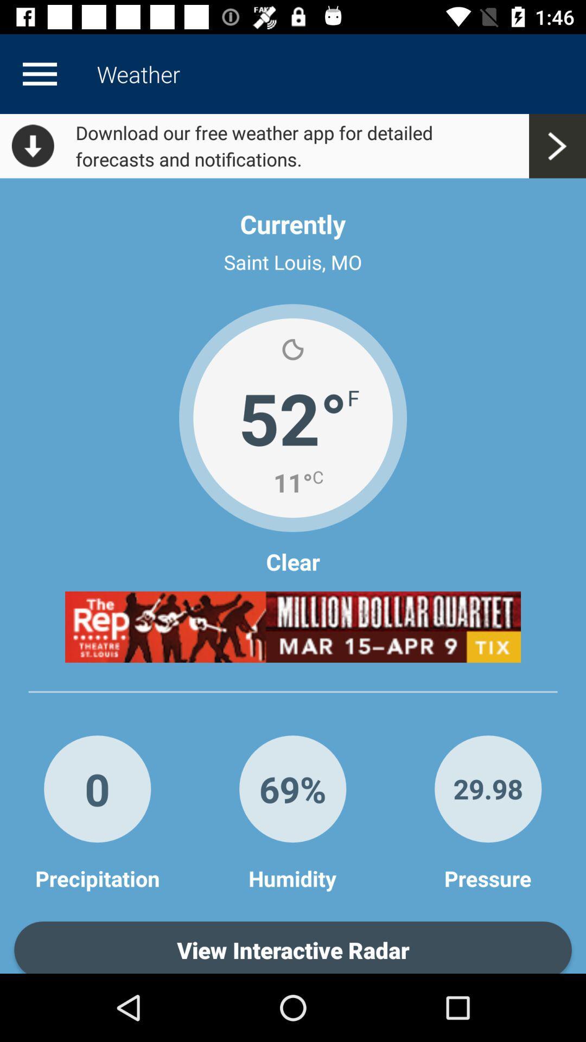 The image size is (586, 1042). Describe the element at coordinates (39, 73) in the screenshot. I see `open menu` at that location.